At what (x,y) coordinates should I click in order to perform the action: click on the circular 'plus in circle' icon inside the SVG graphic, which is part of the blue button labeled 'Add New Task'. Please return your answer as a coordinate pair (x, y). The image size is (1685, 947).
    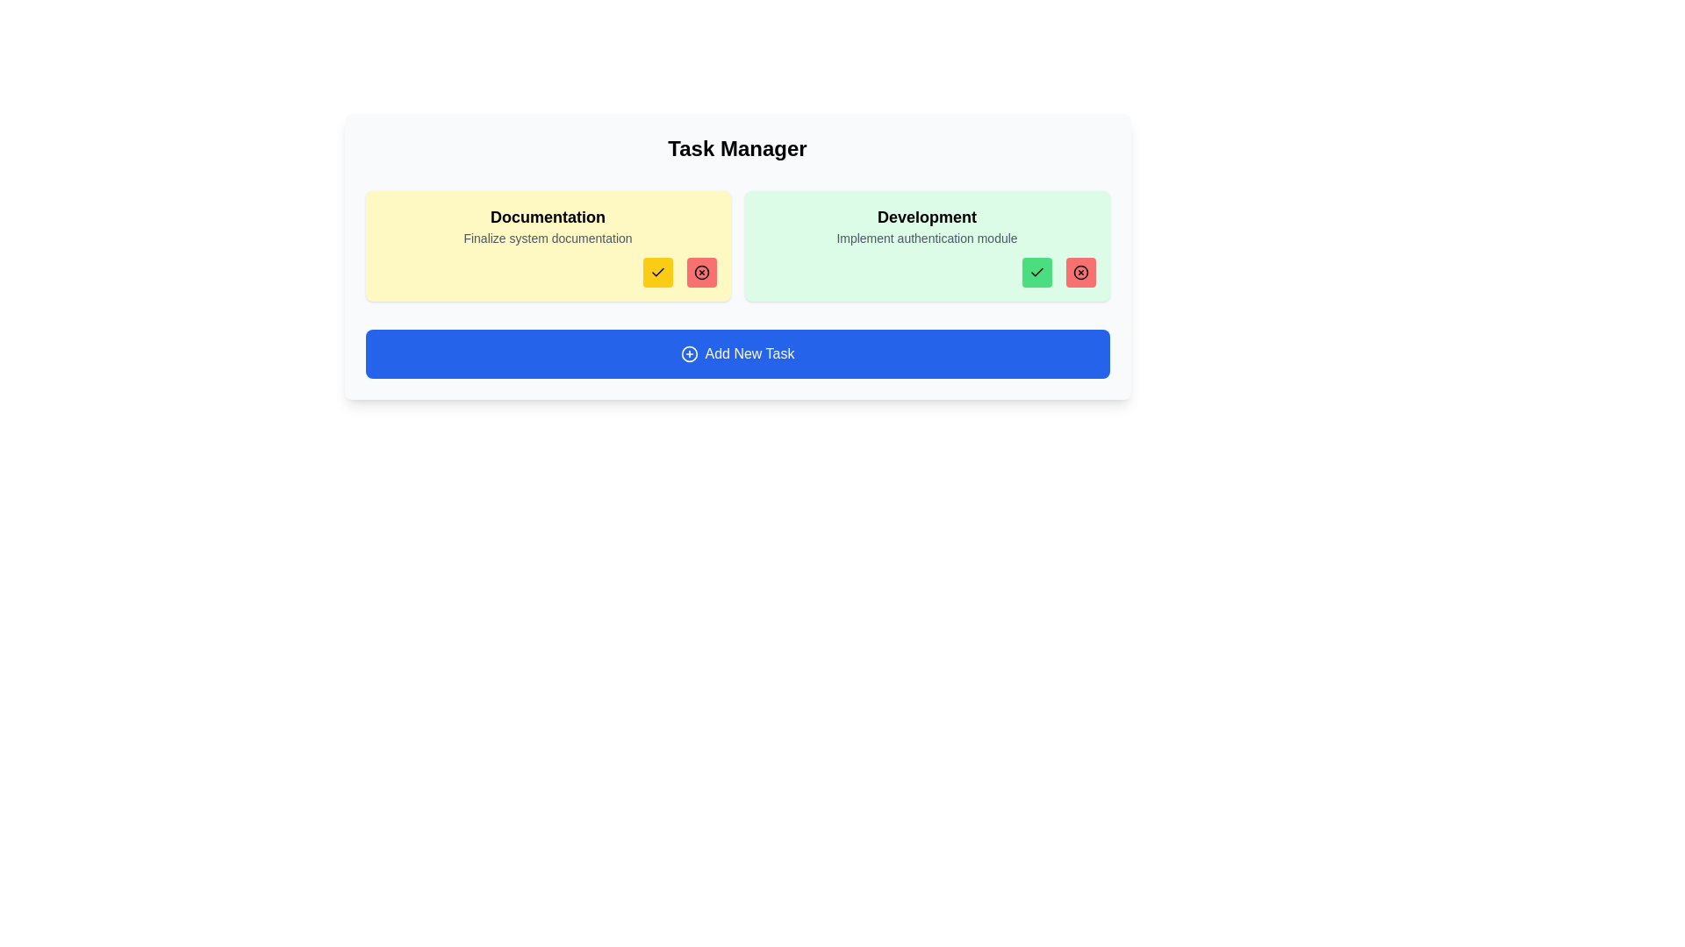
    Looking at the image, I should click on (688, 354).